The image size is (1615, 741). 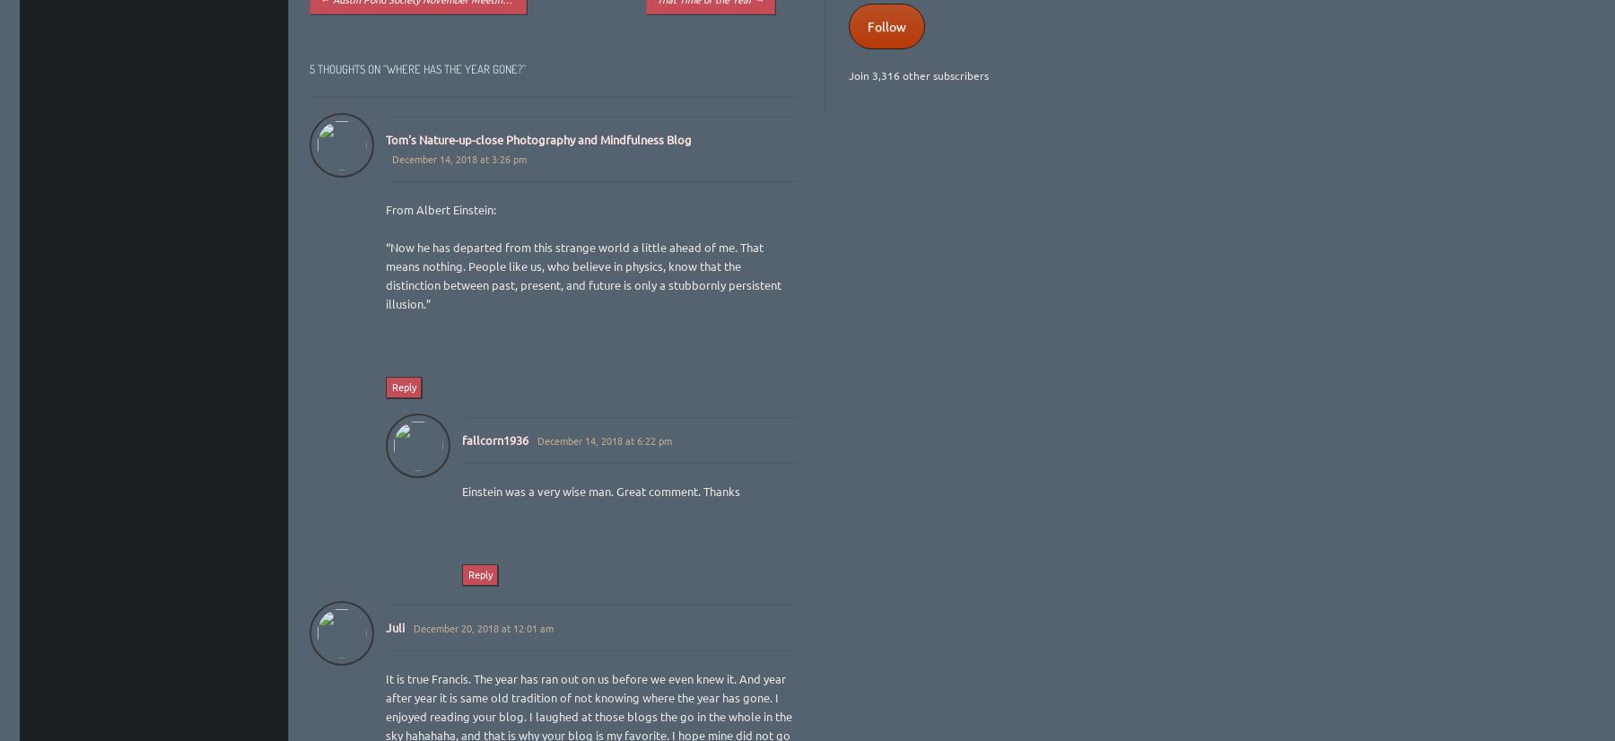 What do you see at coordinates (460, 439) in the screenshot?
I see `'fallcorn1936'` at bounding box center [460, 439].